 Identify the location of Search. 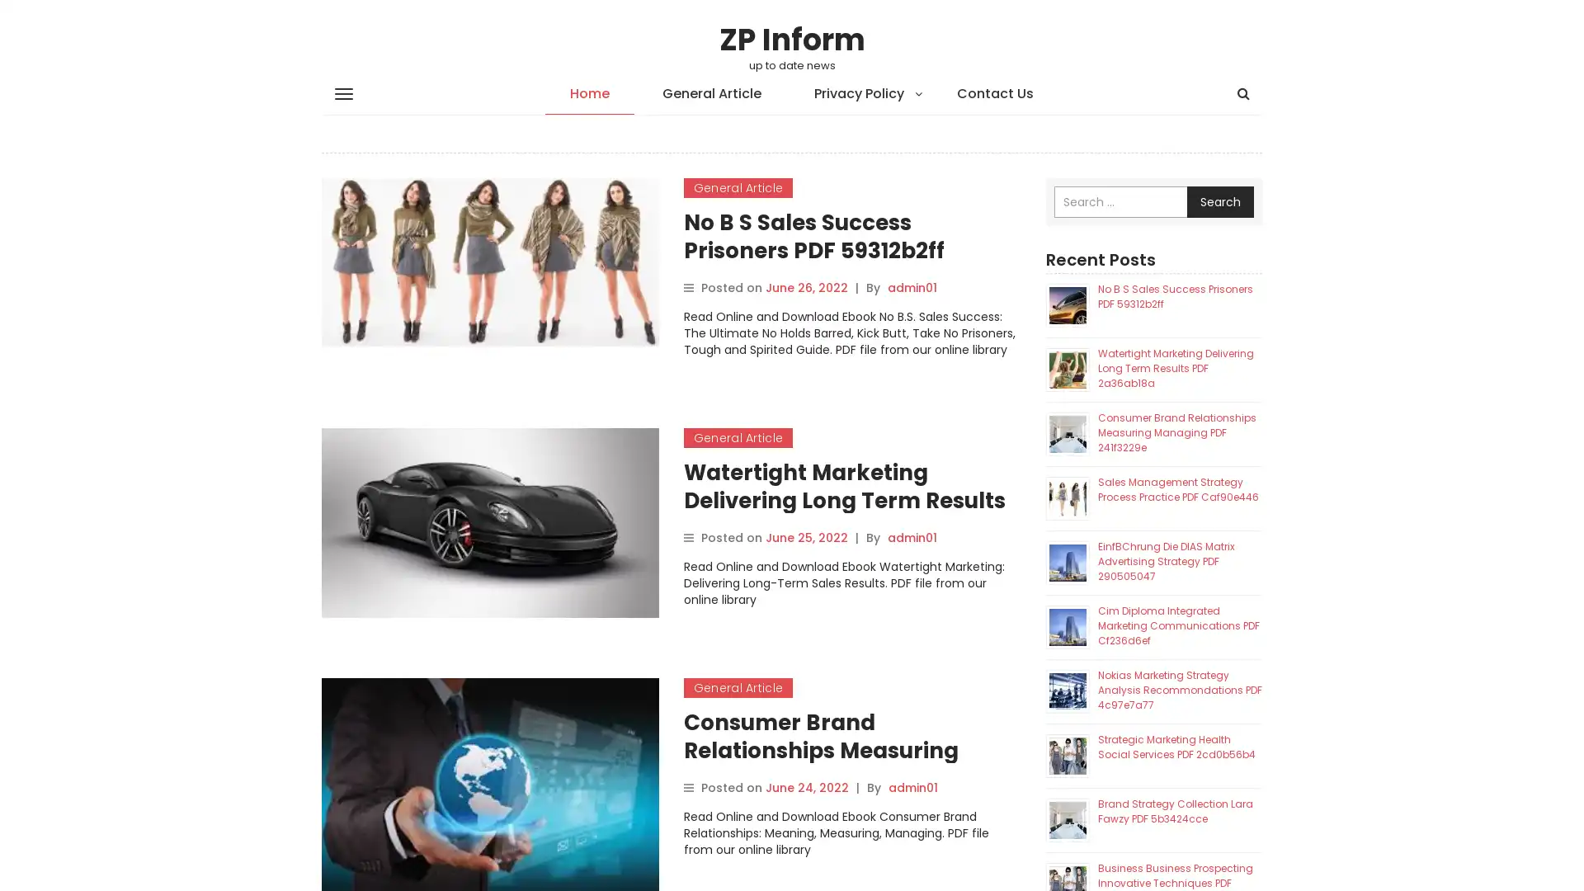
(1220, 201).